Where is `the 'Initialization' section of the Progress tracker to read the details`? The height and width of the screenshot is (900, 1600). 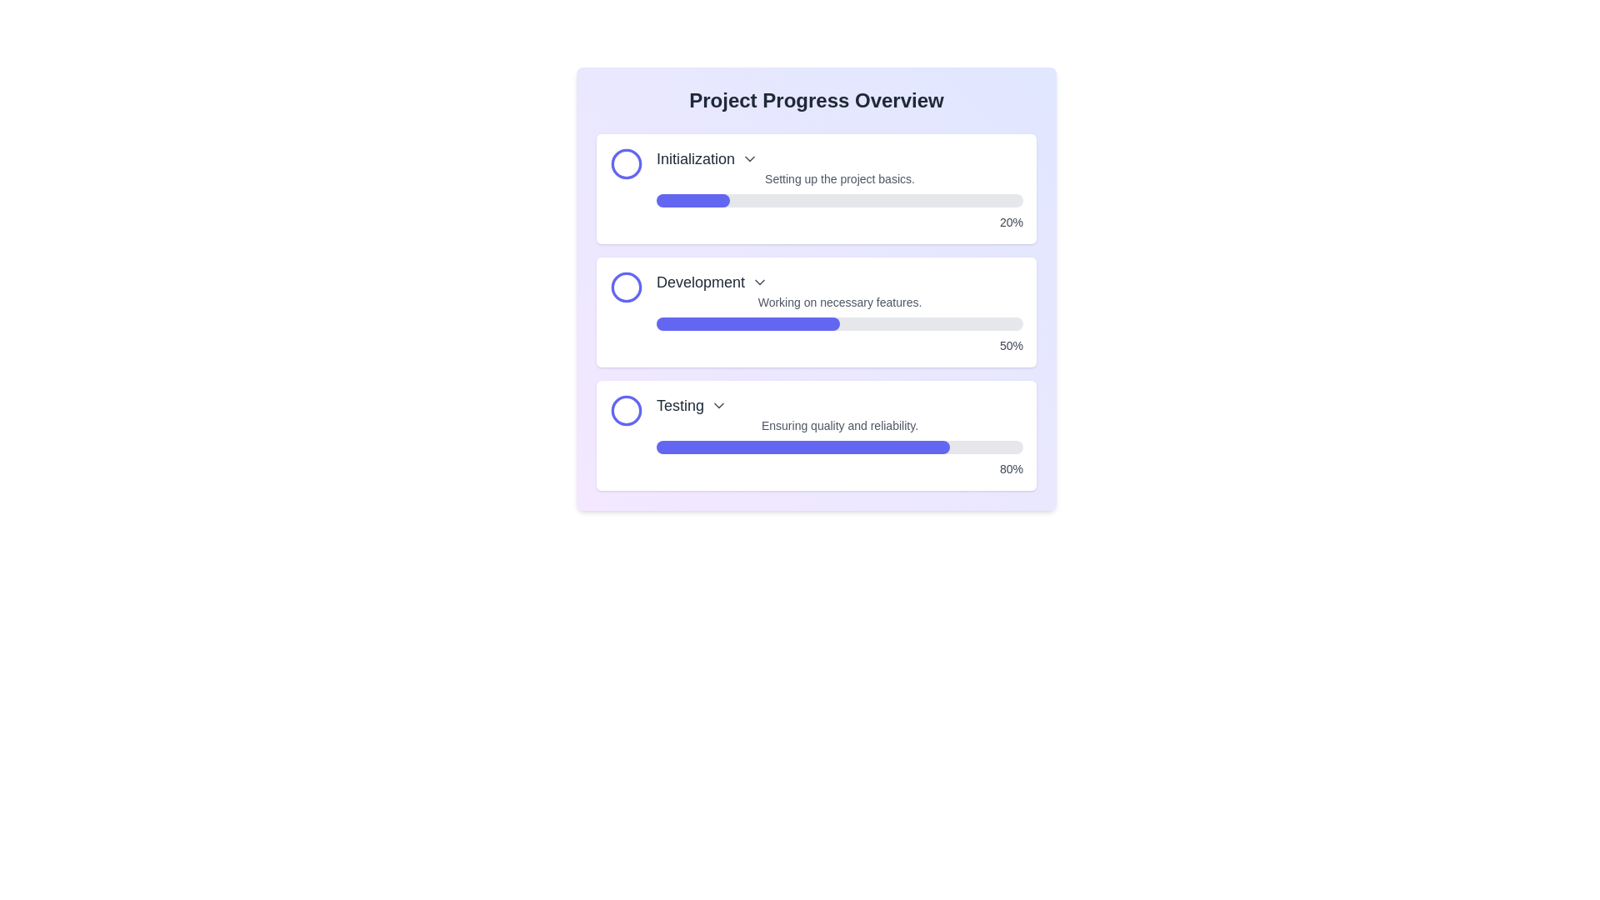
the 'Initialization' section of the Progress tracker to read the details is located at coordinates (840, 188).